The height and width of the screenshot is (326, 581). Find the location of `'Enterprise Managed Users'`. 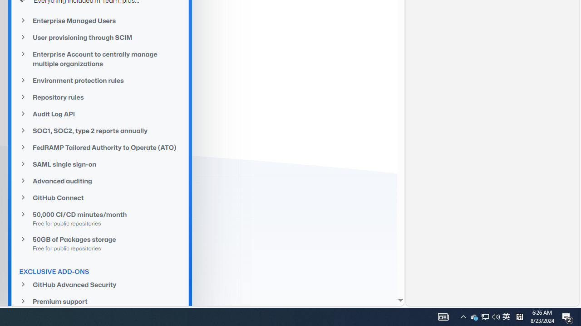

'Enterprise Managed Users' is located at coordinates (100, 20).